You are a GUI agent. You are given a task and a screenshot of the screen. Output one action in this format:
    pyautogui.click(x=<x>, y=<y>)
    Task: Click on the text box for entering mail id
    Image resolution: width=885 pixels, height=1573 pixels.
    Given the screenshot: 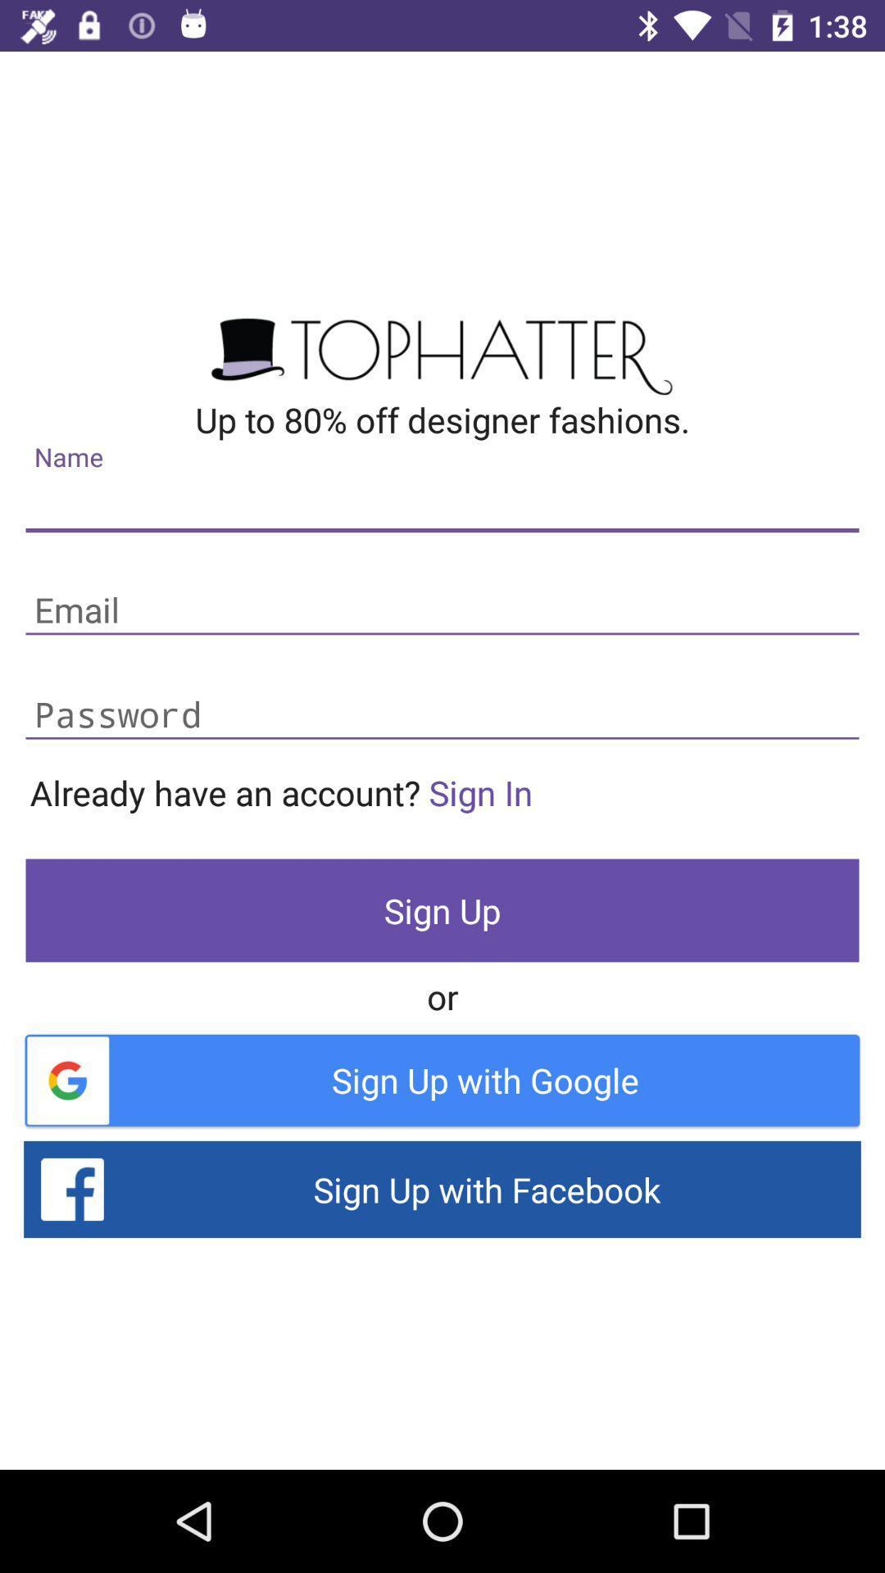 What is the action you would take?
    pyautogui.click(x=442, y=610)
    